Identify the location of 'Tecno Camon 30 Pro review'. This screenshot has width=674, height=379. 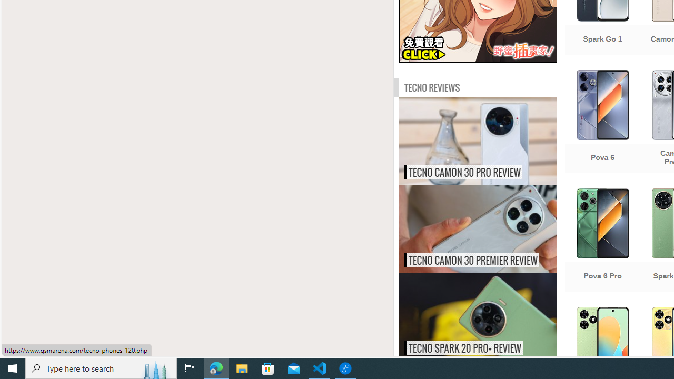
(499, 140).